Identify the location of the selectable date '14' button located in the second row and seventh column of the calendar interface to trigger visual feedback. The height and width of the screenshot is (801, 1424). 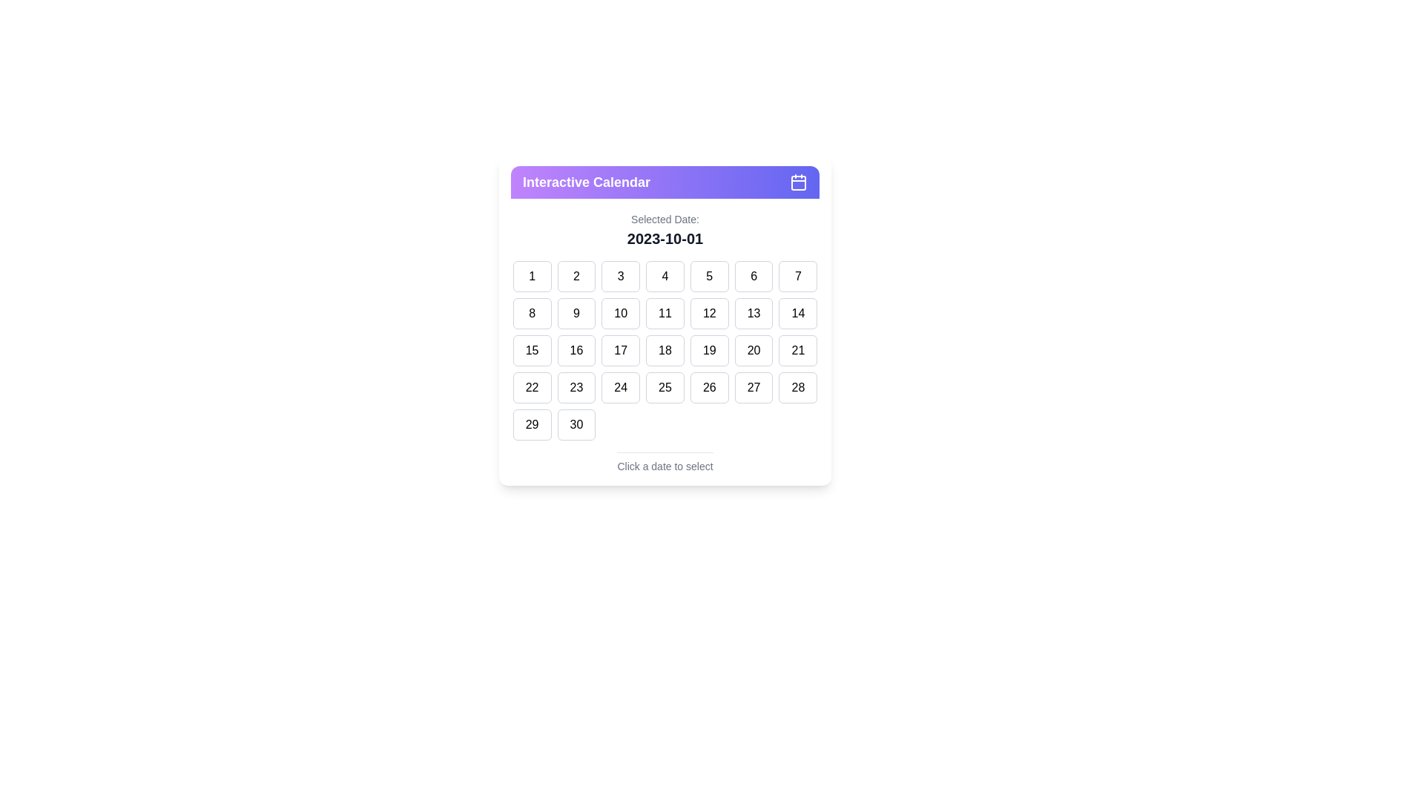
(797, 313).